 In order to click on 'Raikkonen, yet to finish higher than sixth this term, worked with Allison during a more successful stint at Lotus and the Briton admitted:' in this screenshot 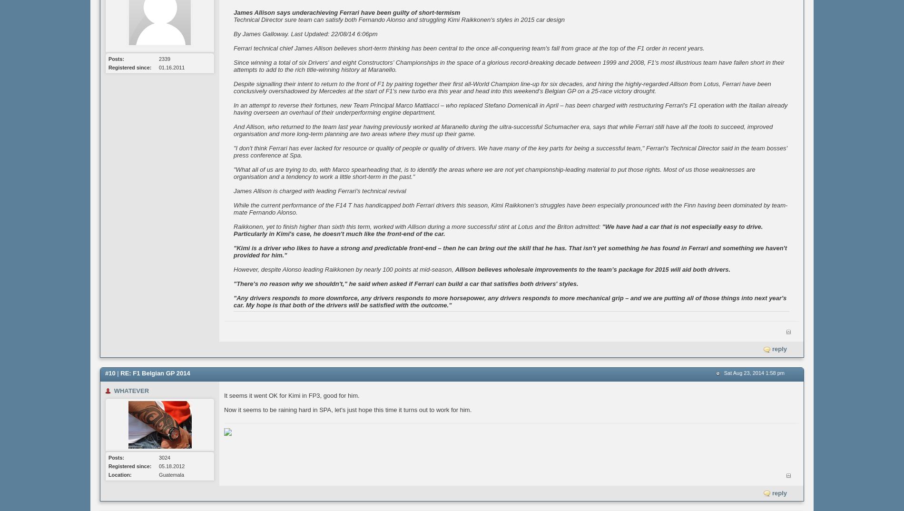, I will do `click(417, 226)`.